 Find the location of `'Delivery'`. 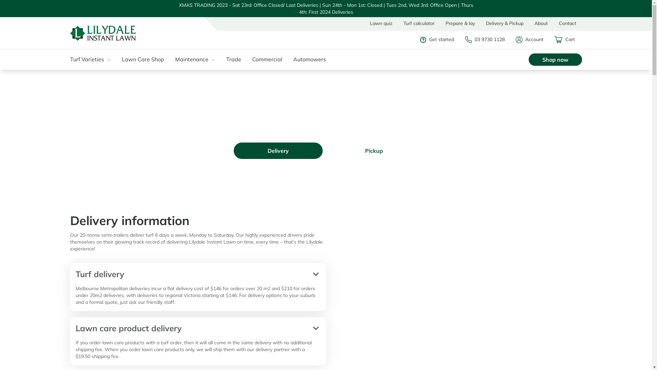

'Delivery' is located at coordinates (233, 150).